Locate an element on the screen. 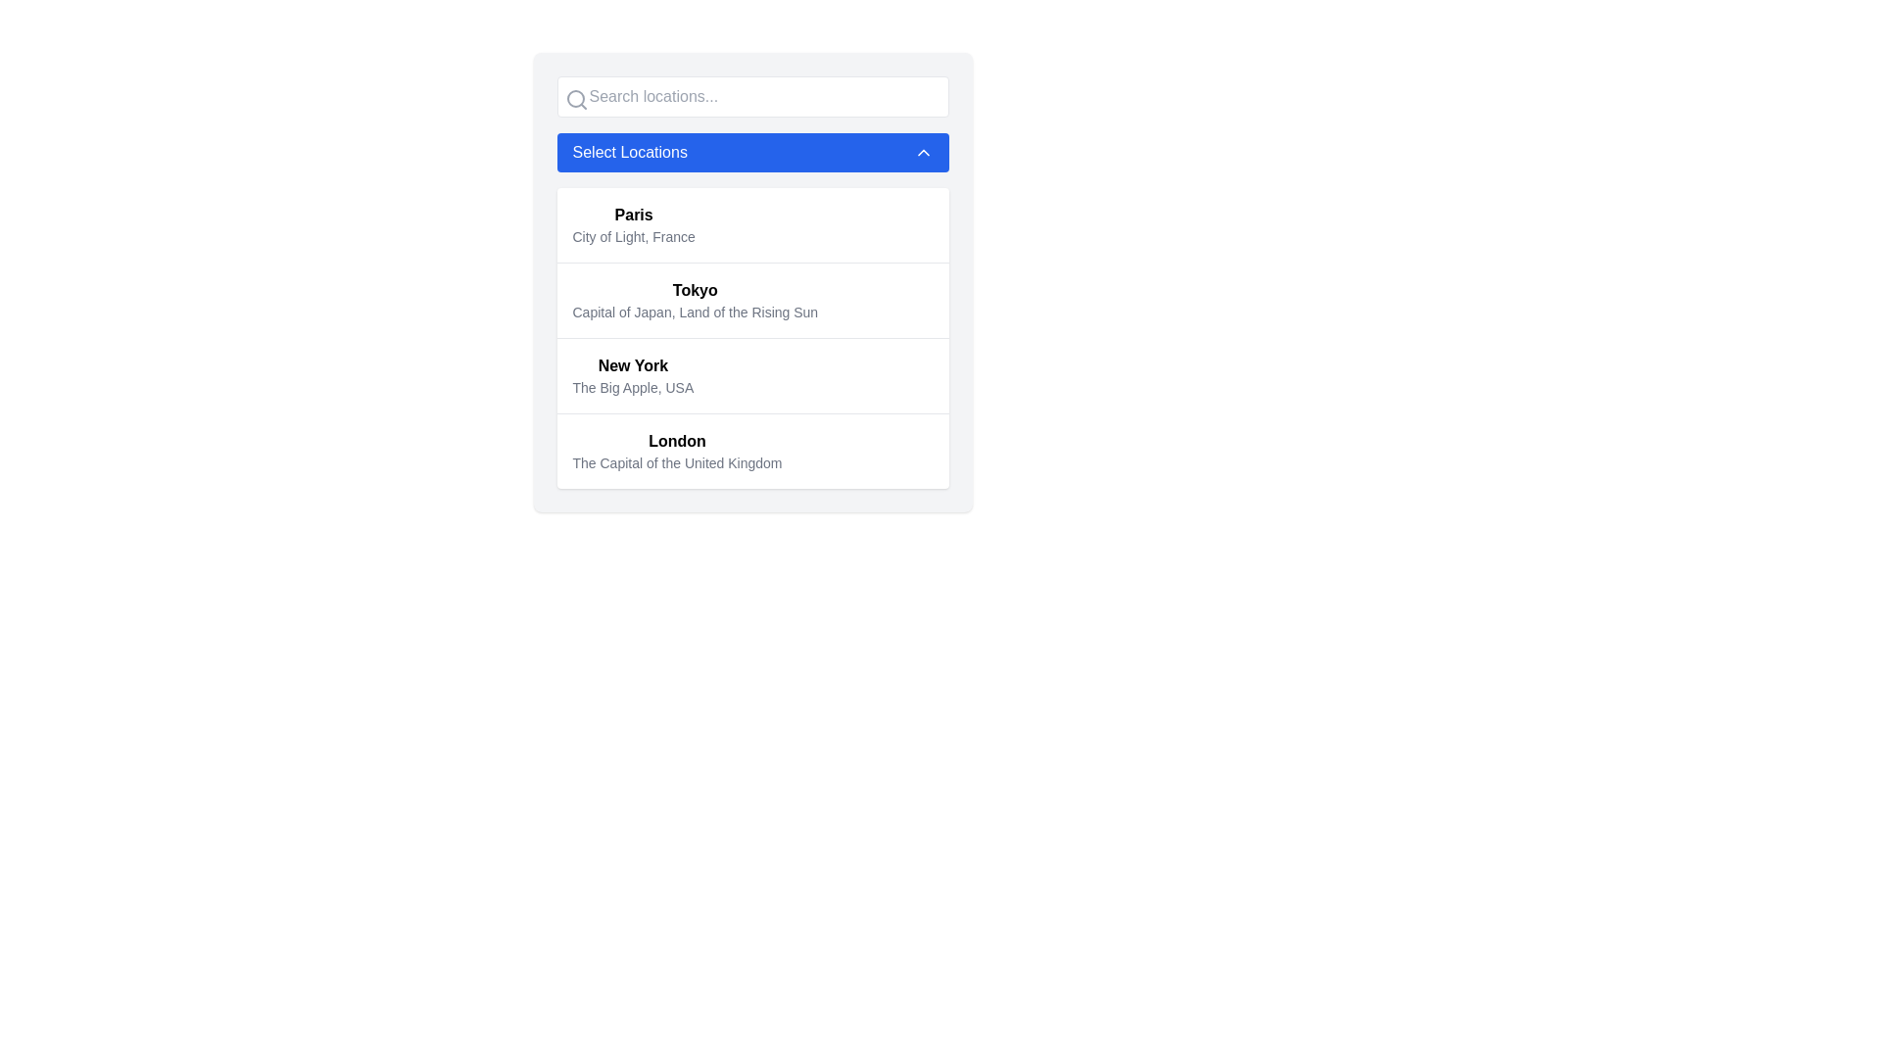 This screenshot has height=1058, width=1881. descriptive text label providing additional information about the city 'Tokyo', located below the main text 'Tokyo' within the grouped card layout is located at coordinates (695, 312).